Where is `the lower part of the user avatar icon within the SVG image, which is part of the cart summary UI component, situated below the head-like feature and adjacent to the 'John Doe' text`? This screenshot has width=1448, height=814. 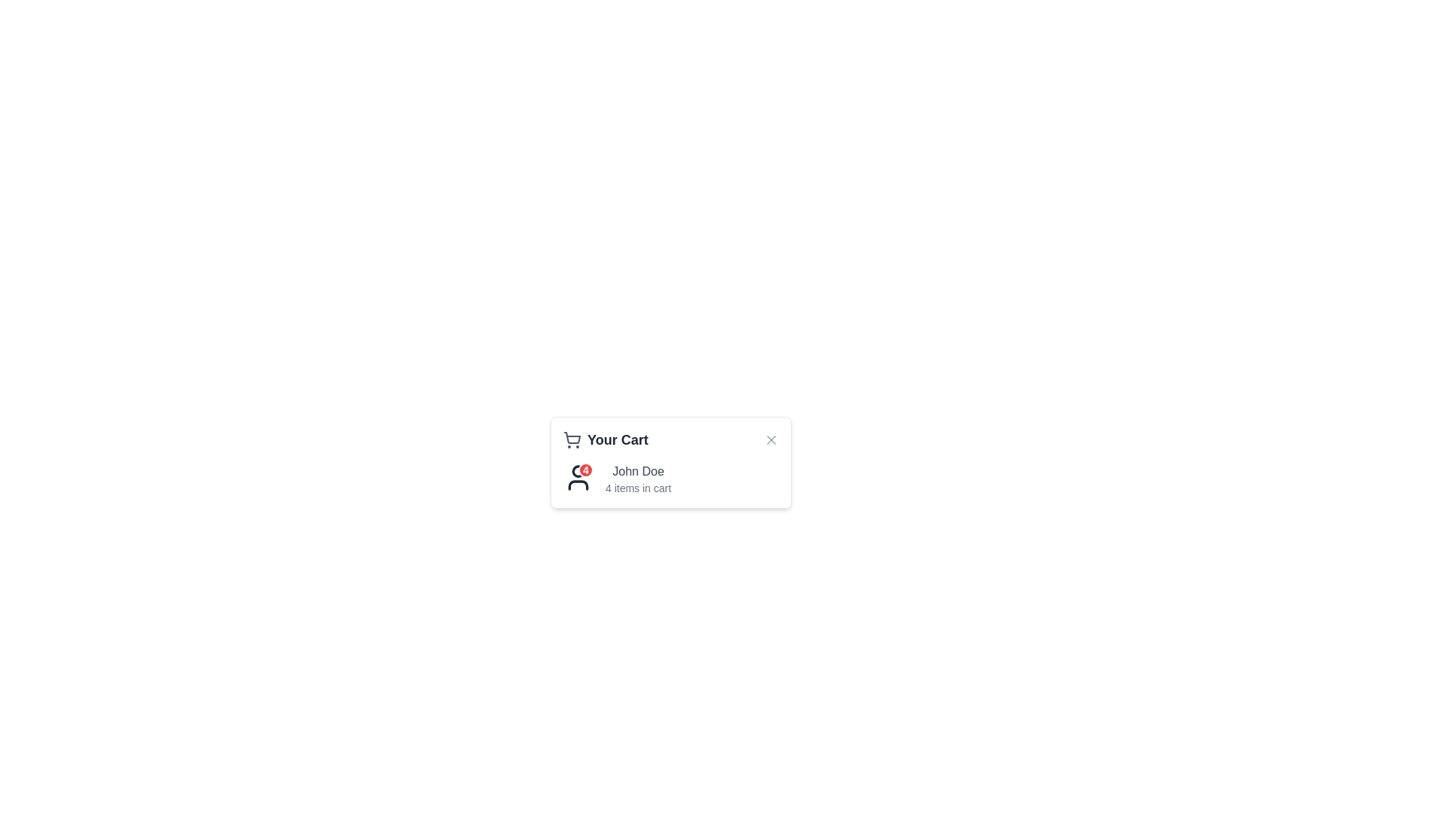 the lower part of the user avatar icon within the SVG image, which is part of the cart summary UI component, situated below the head-like feature and adjacent to the 'John Doe' text is located at coordinates (578, 485).